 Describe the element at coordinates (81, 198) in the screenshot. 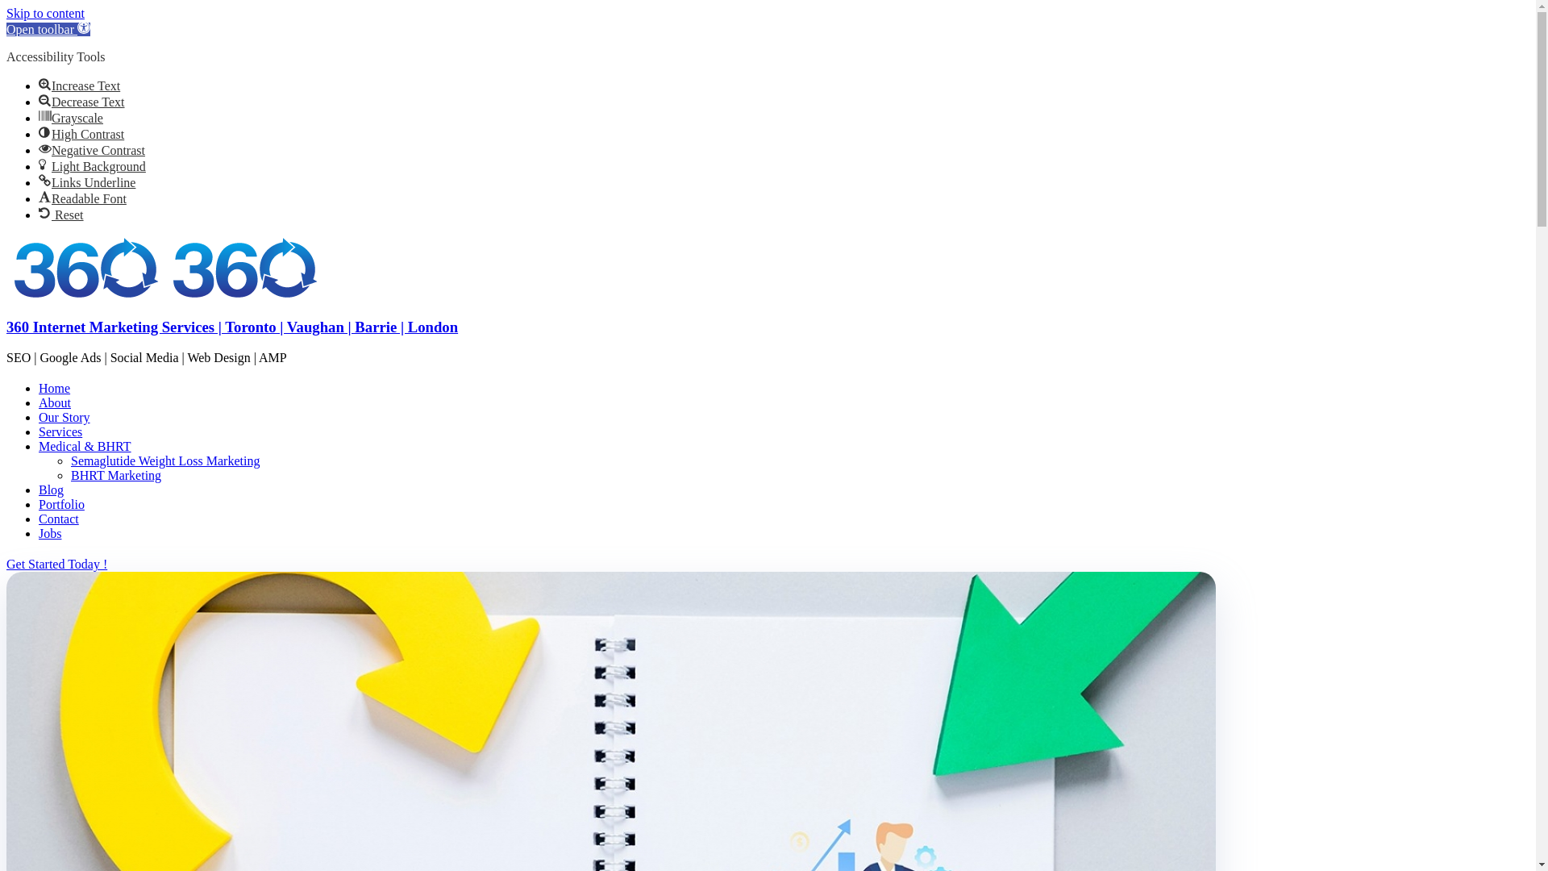

I see `'Readable FontReadable Font'` at that location.